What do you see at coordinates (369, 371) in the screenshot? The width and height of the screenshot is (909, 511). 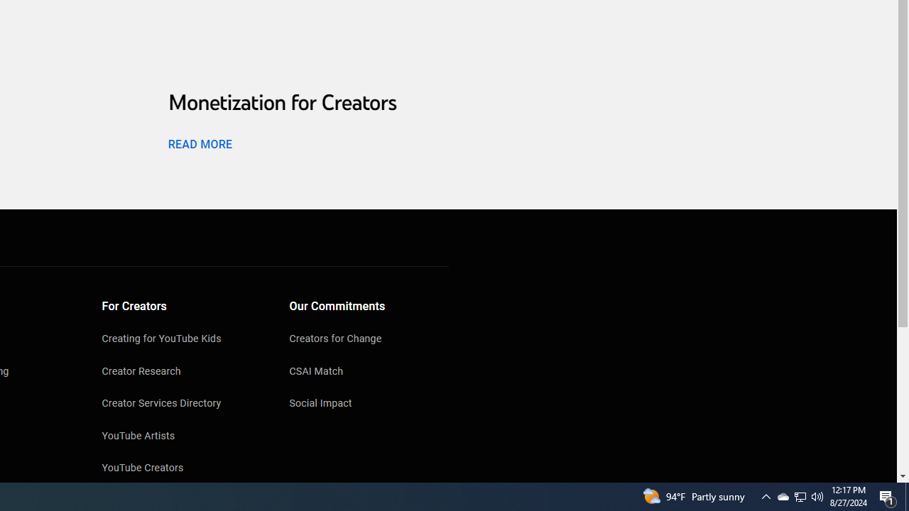 I see `'CSAI Match'` at bounding box center [369, 371].